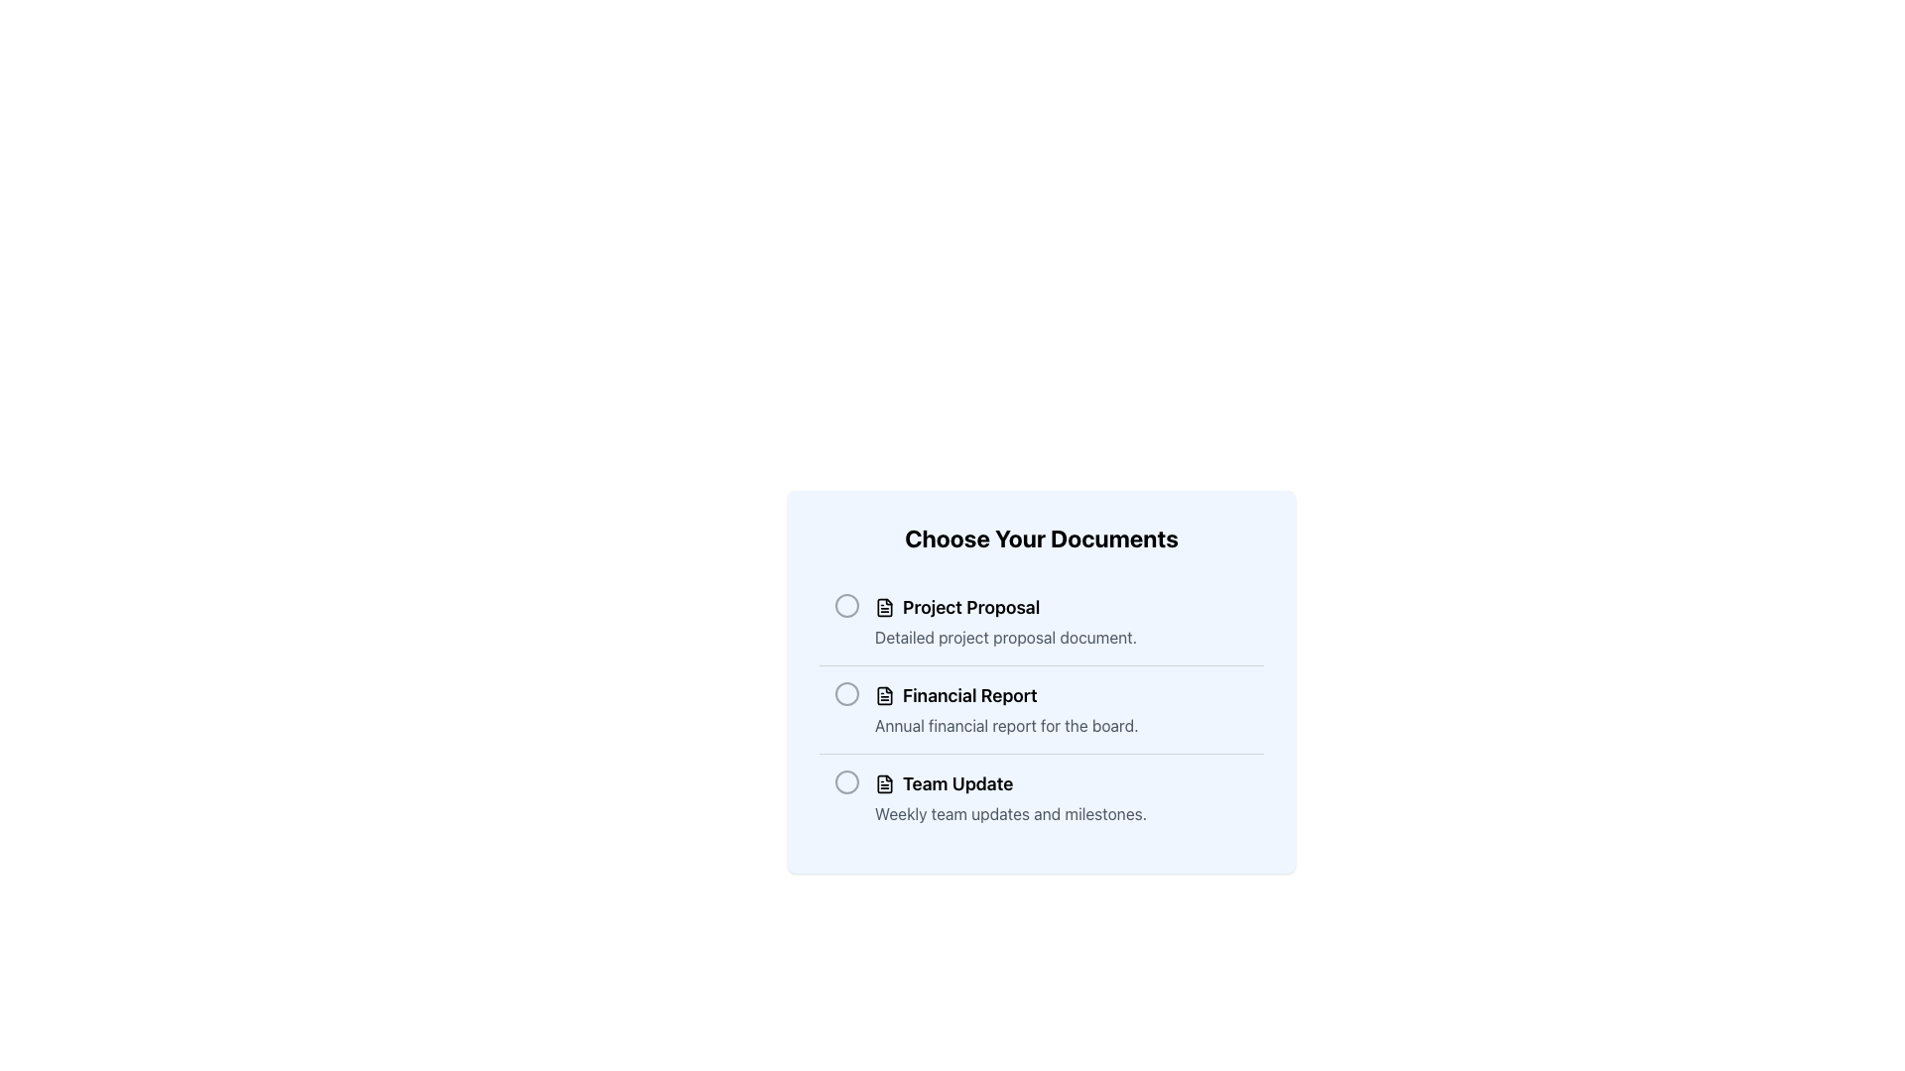 The height and width of the screenshot is (1071, 1905). What do you see at coordinates (1011, 782) in the screenshot?
I see `the 'Team Update' text element, which is the third item in a vertical list and has an adjacent document icon` at bounding box center [1011, 782].